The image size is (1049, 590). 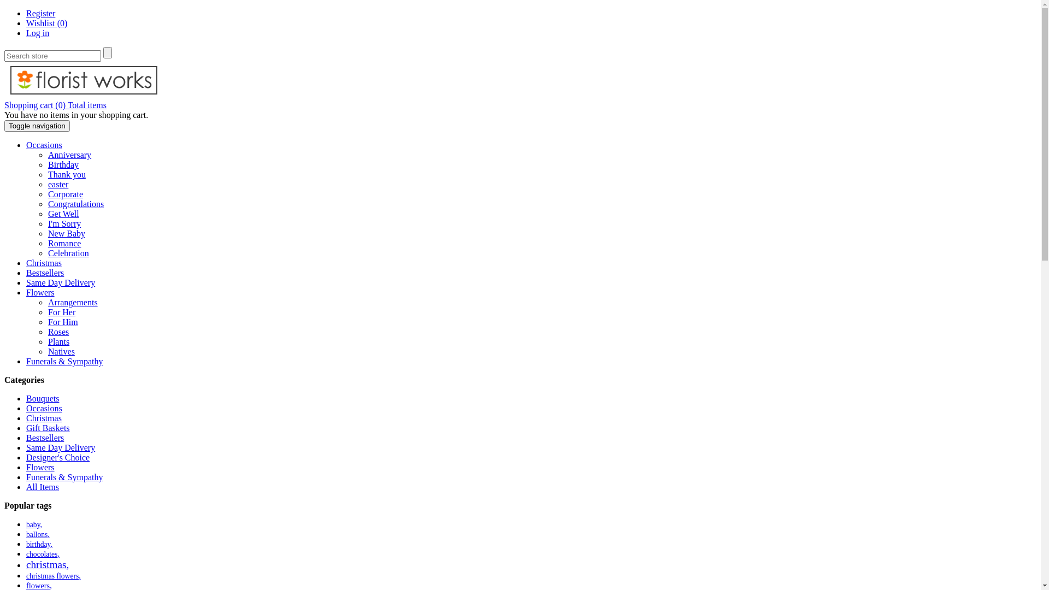 What do you see at coordinates (64, 361) in the screenshot?
I see `'Funerals & Sympathy'` at bounding box center [64, 361].